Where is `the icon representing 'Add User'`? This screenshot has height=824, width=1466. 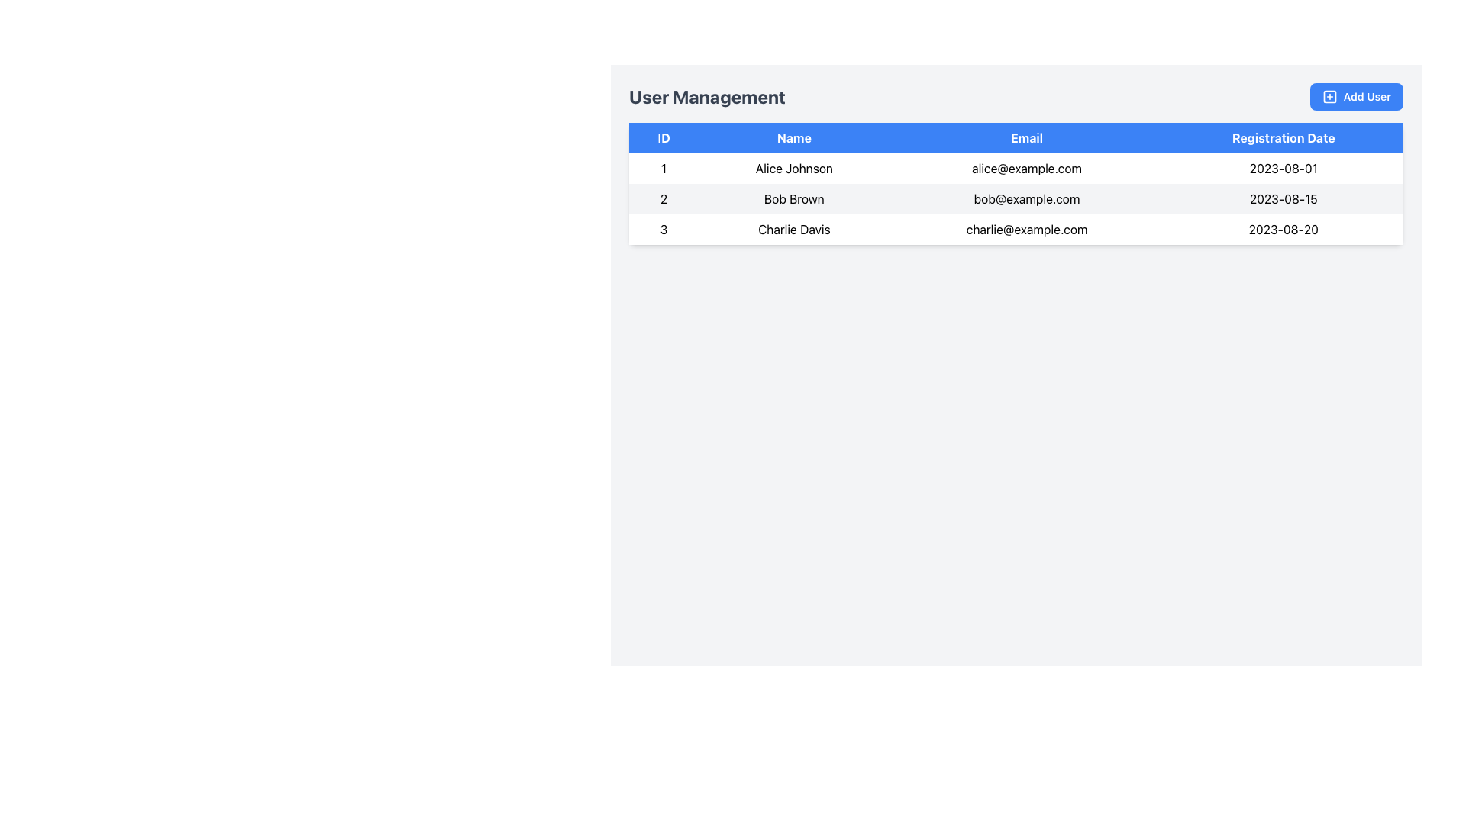
the icon representing 'Add User' is located at coordinates (1329, 97).